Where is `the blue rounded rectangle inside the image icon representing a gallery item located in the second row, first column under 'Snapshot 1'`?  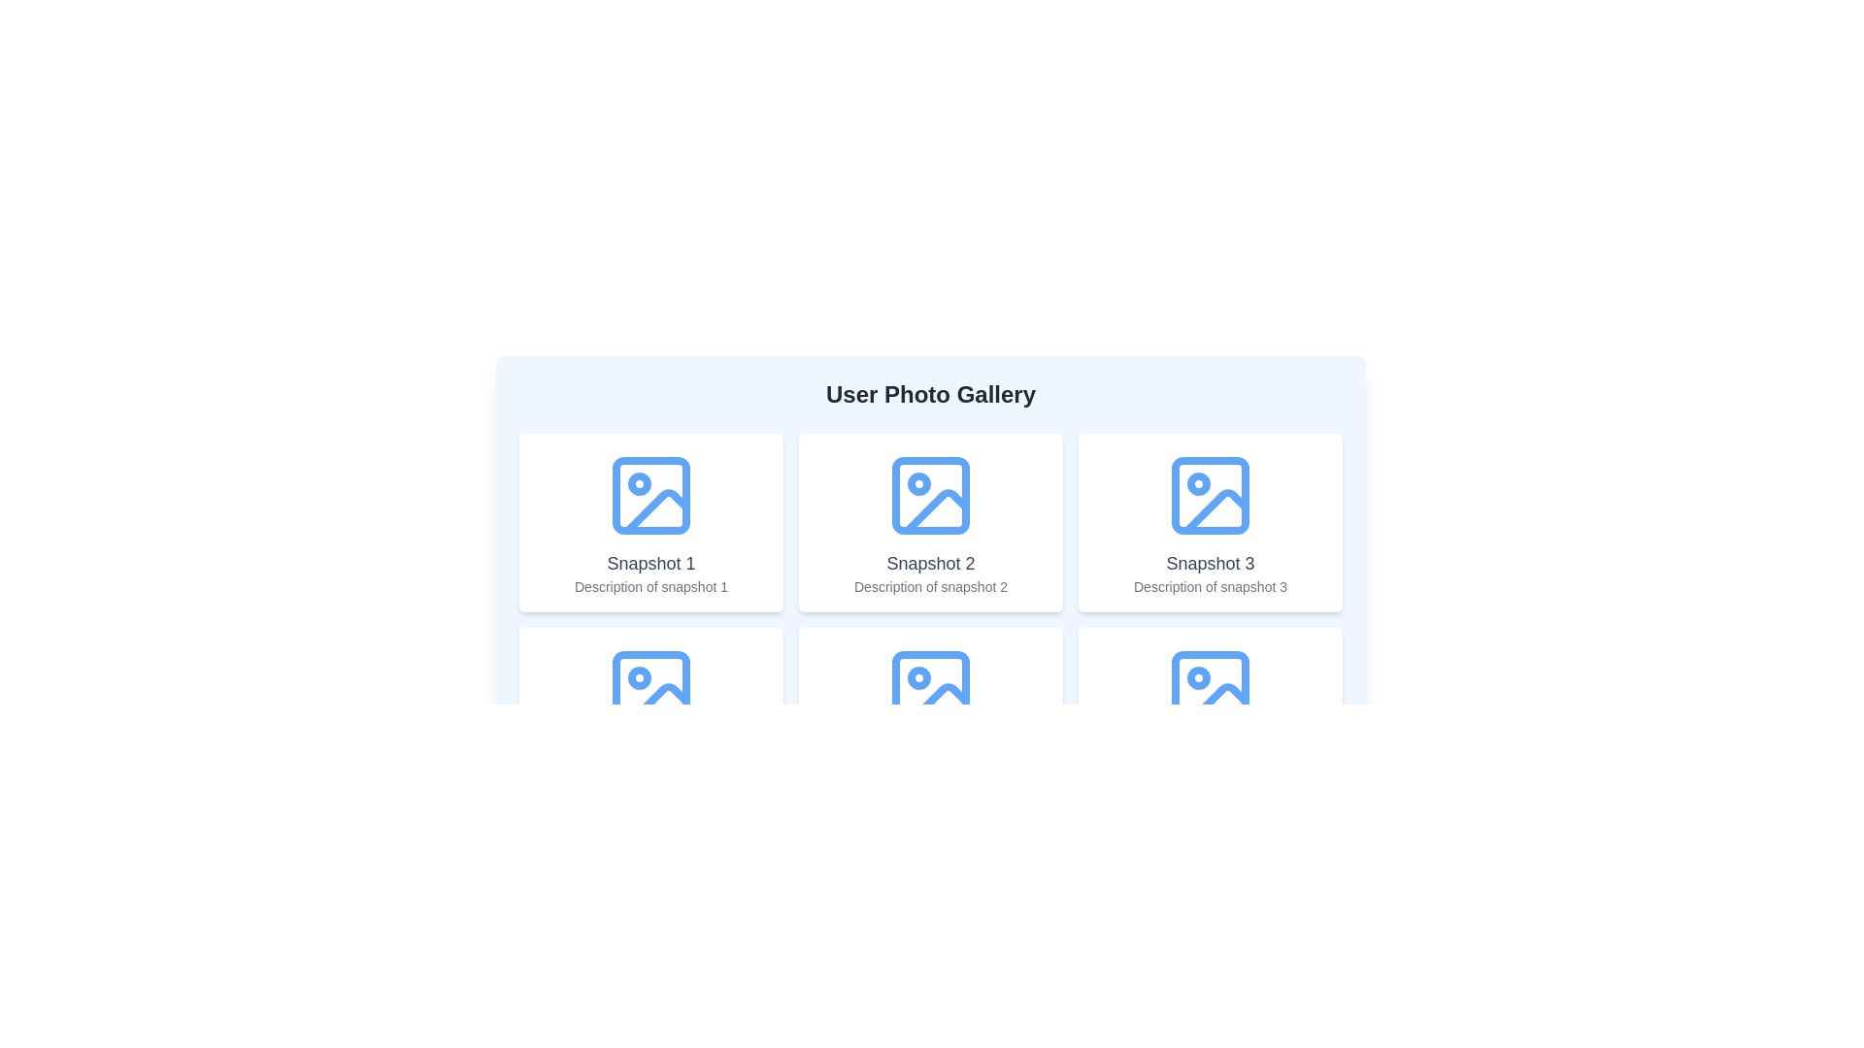
the blue rounded rectangle inside the image icon representing a gallery item located in the second row, first column under 'Snapshot 1' is located at coordinates (651, 688).